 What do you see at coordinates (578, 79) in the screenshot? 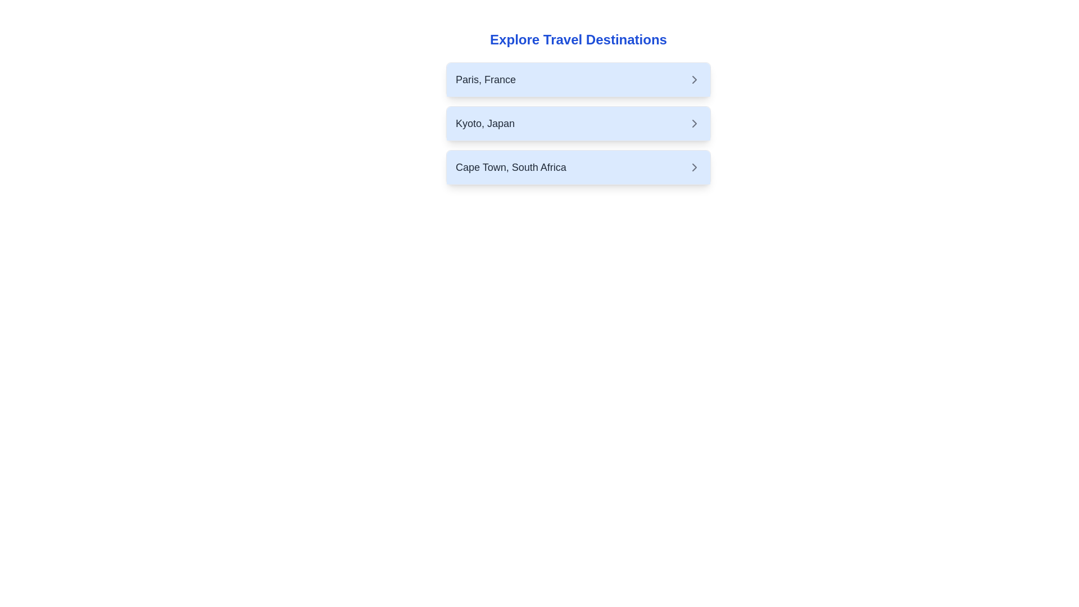
I see `the navigation button for 'Paris, France' located at the top of the 'Explore Travel Destinations' list` at bounding box center [578, 79].